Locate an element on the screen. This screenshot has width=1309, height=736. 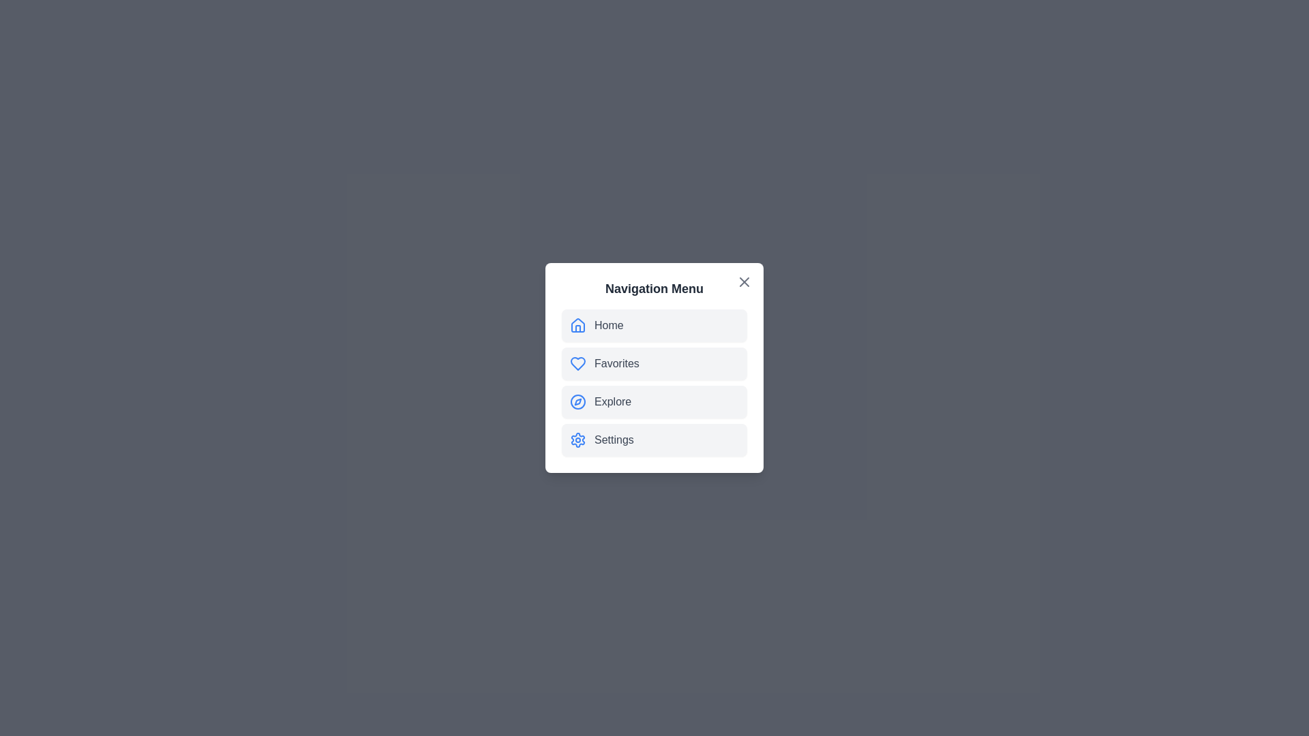
the 'Settings' navigation item in the dialog is located at coordinates (654, 440).